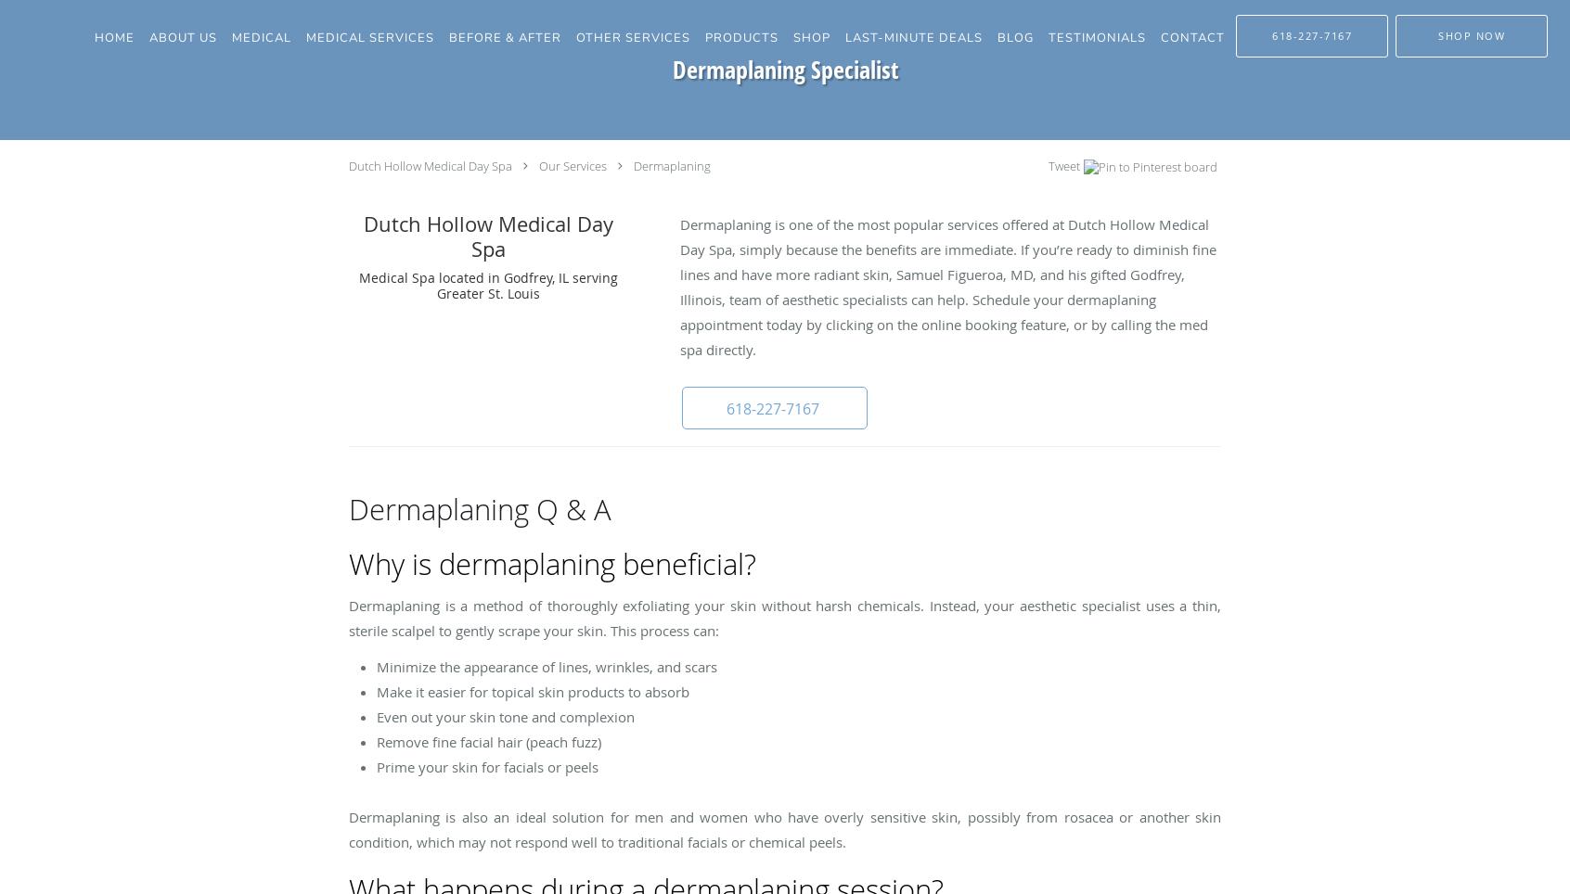 The height and width of the screenshot is (894, 1570). Describe the element at coordinates (784, 69) in the screenshot. I see `'Dermaplaning Specialist'` at that location.